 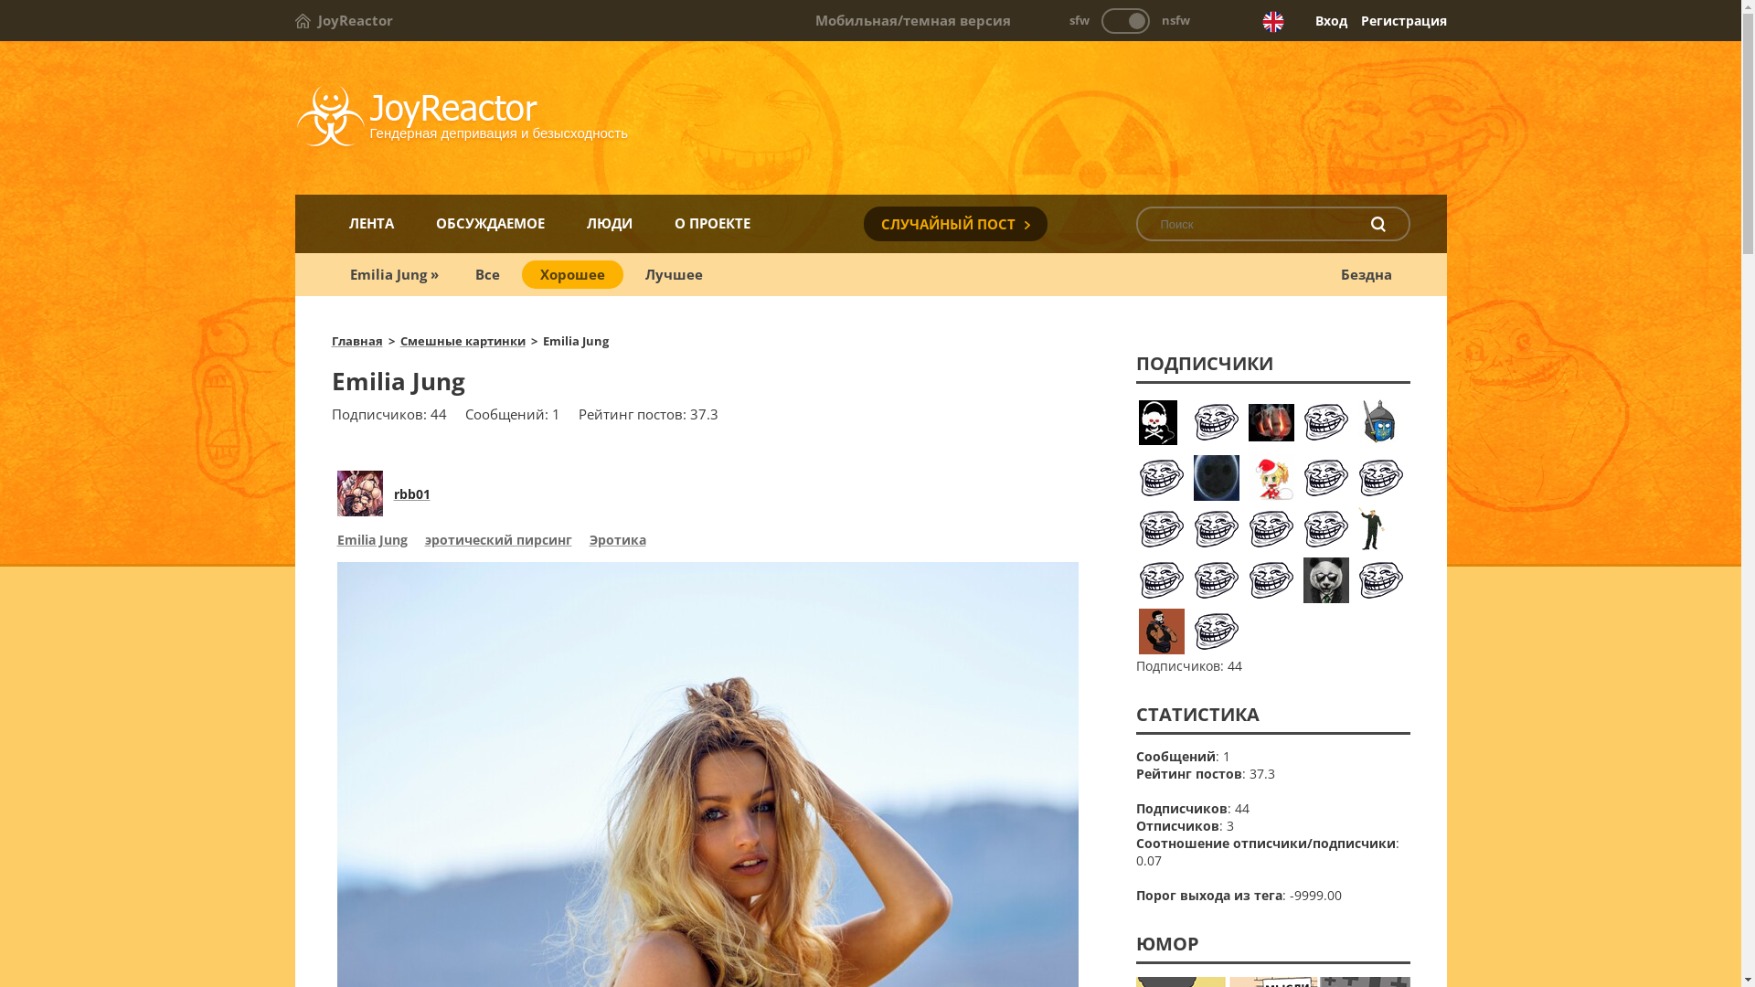 I want to click on 'English version', so click(x=1260, y=21).